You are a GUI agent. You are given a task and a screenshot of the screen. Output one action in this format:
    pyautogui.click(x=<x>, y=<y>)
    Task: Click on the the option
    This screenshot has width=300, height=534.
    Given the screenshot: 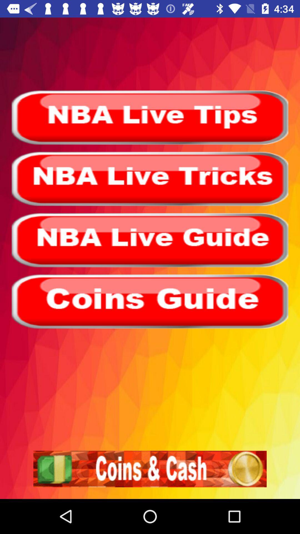 What is the action you would take?
    pyautogui.click(x=150, y=301)
    